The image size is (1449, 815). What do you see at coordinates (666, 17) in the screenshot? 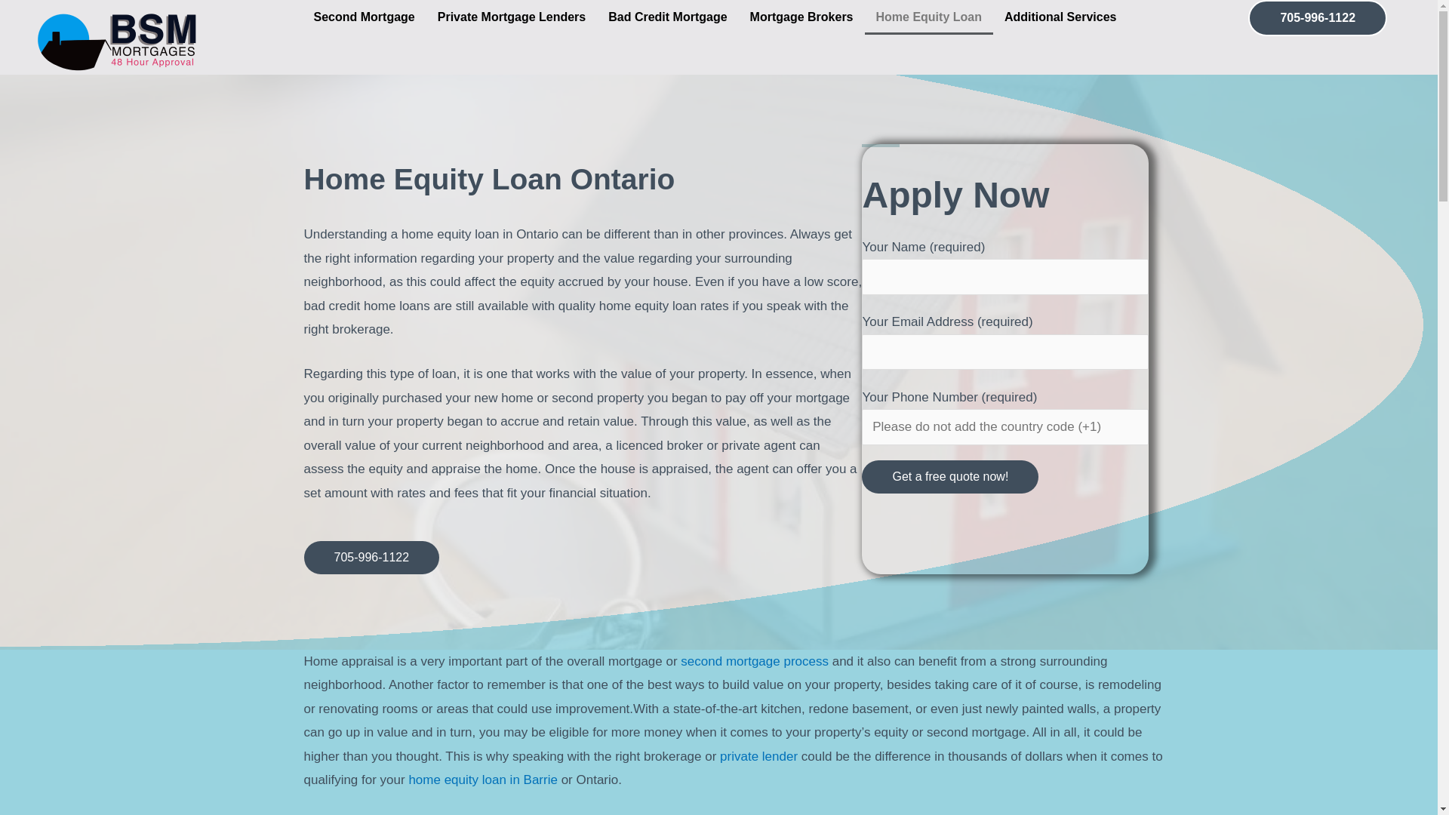
I see `'Bad Credit Mortgage'` at bounding box center [666, 17].